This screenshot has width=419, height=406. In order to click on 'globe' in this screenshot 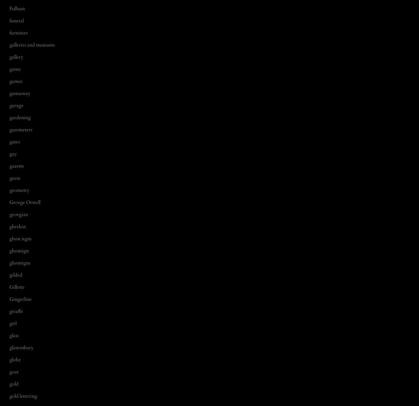, I will do `click(15, 359)`.